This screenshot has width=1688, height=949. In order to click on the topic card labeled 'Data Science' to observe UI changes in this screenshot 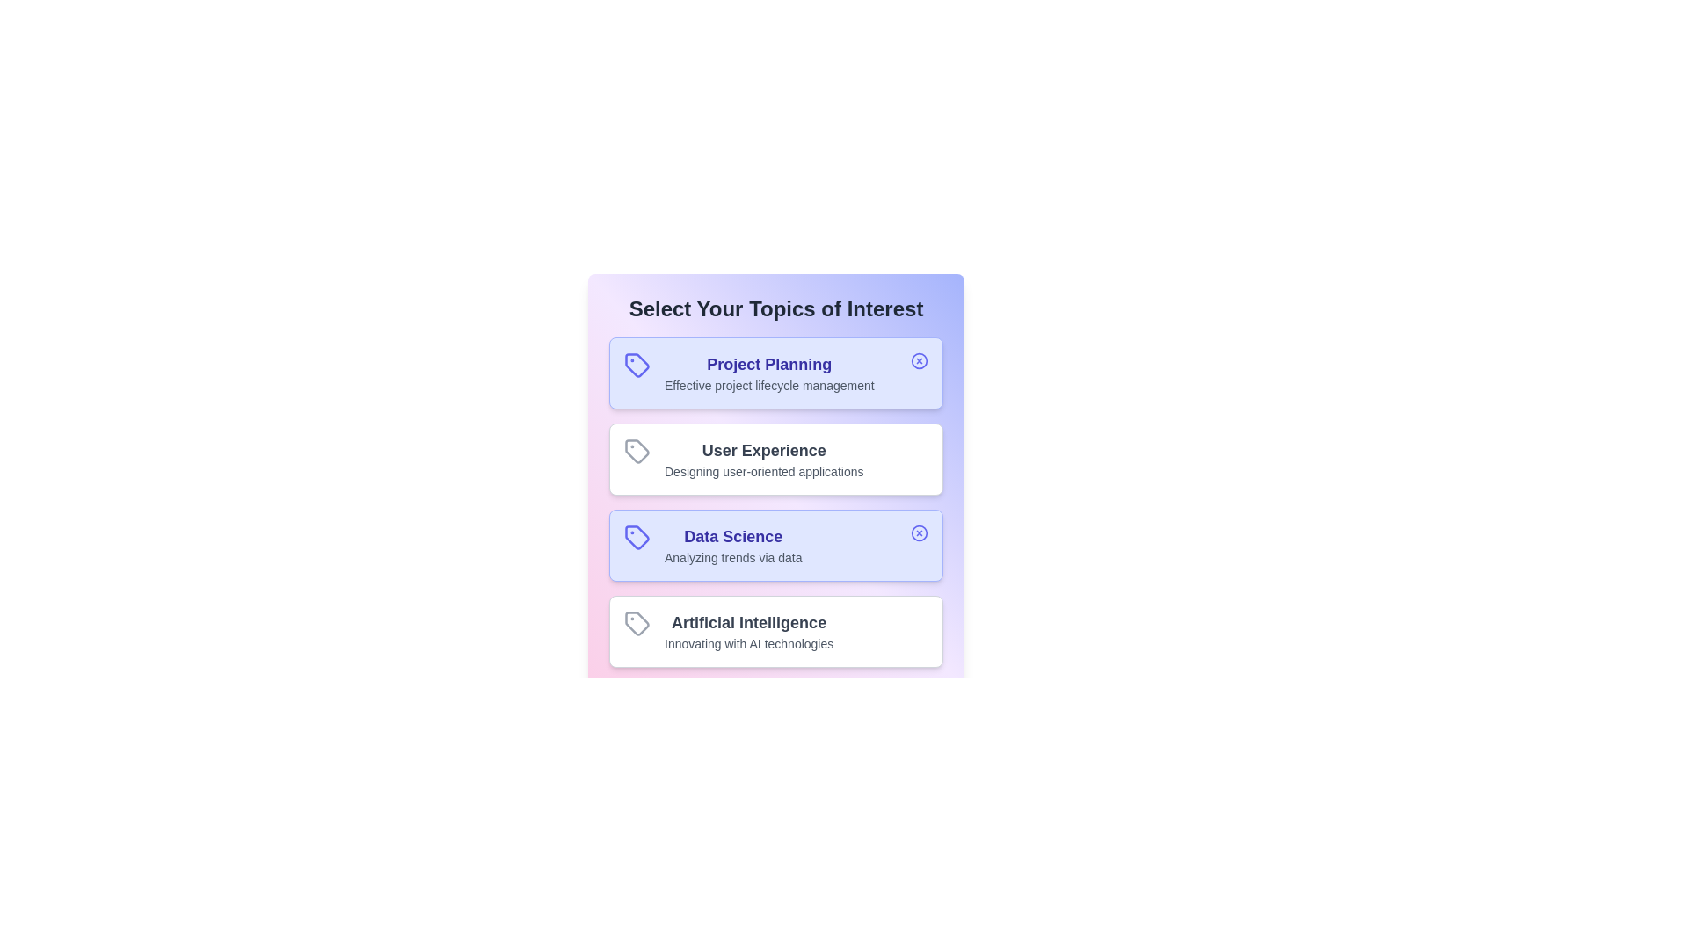, I will do `click(775, 545)`.